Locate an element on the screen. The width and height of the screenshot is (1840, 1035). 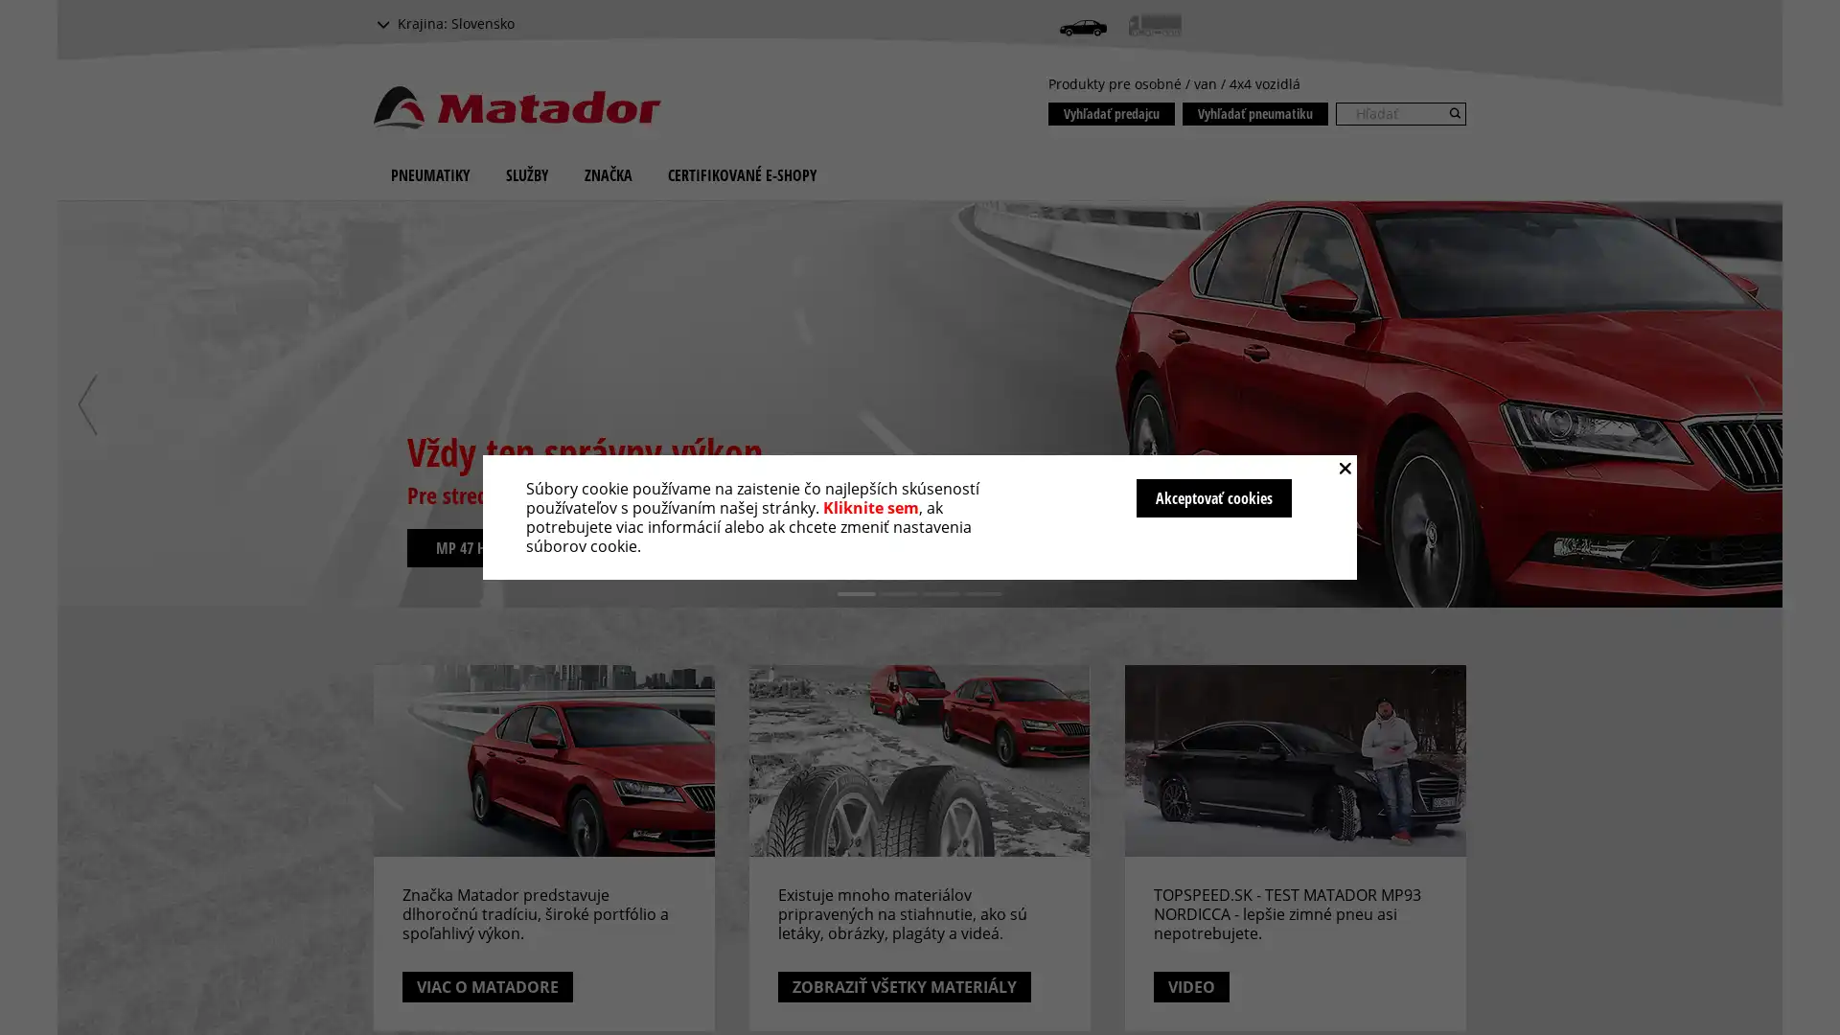
next is located at coordinates (1753, 402).